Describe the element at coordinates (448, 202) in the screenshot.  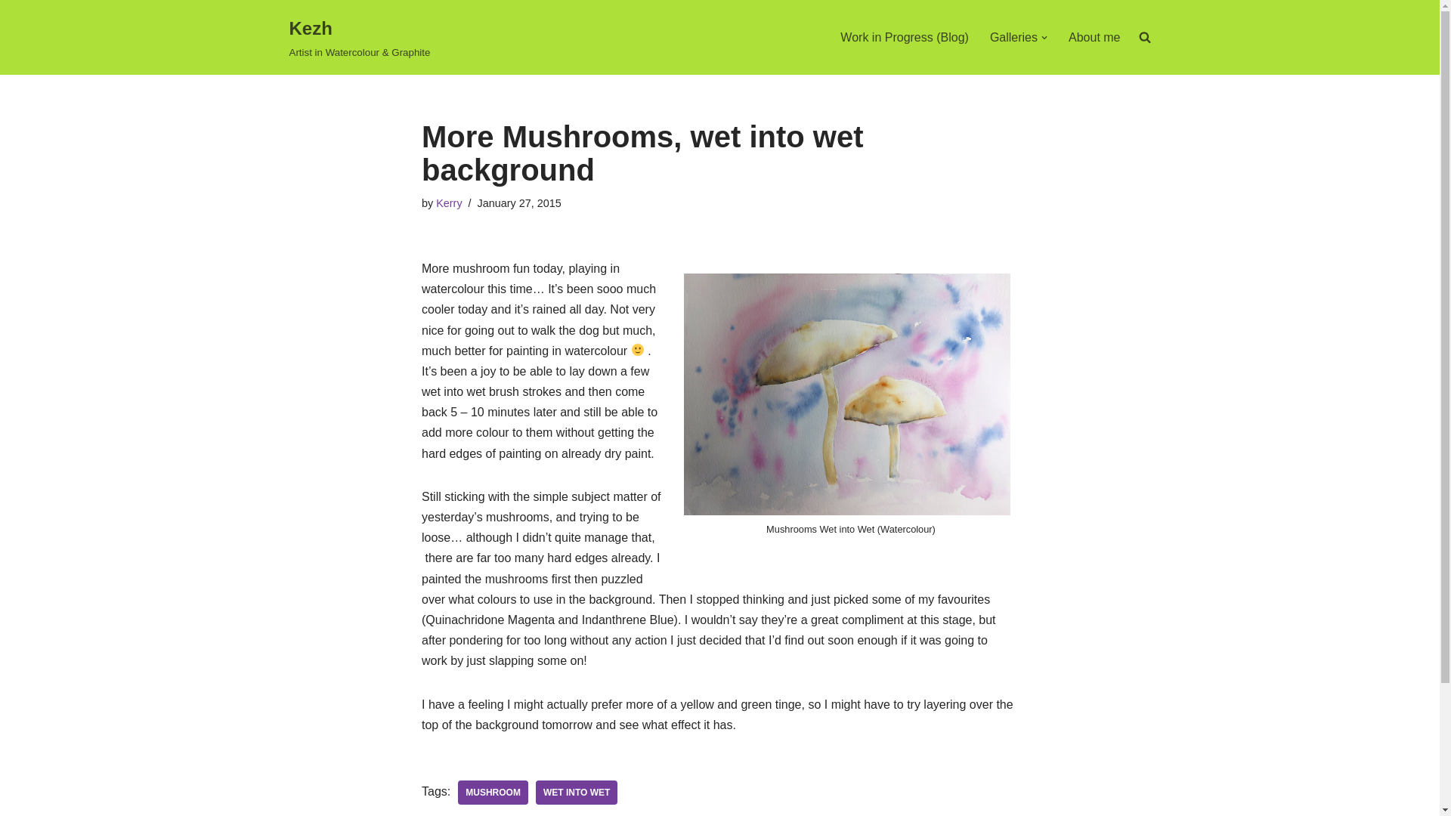
I see `'Kerry'` at that location.